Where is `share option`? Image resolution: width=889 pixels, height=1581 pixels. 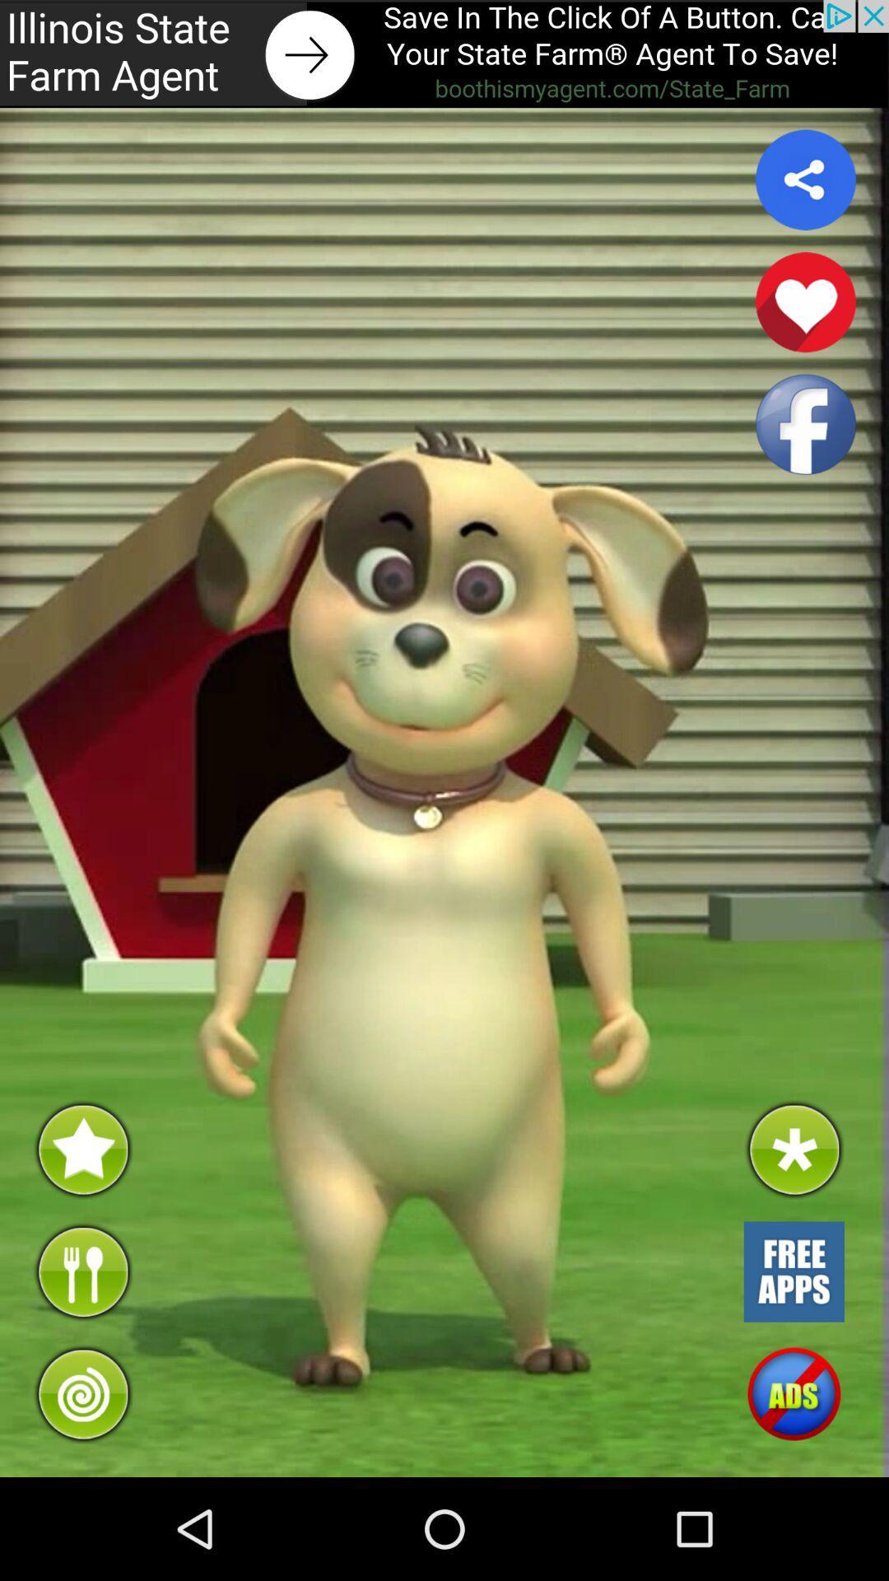 share option is located at coordinates (805, 180).